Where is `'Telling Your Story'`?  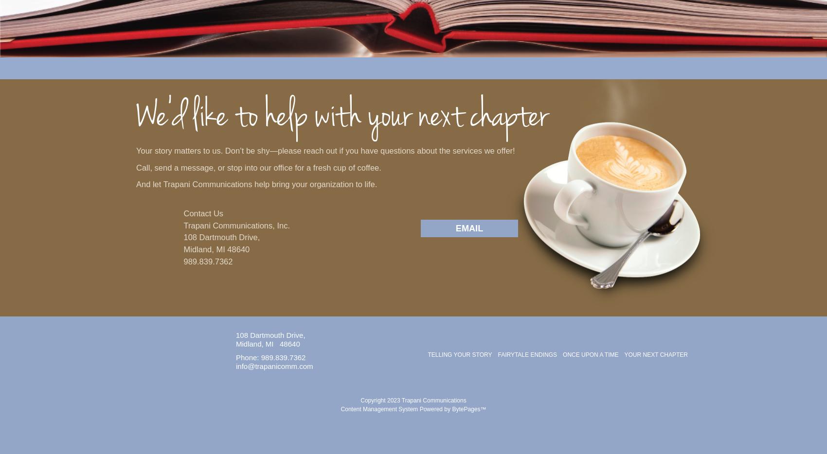
'Telling Your Story' is located at coordinates (460, 354).